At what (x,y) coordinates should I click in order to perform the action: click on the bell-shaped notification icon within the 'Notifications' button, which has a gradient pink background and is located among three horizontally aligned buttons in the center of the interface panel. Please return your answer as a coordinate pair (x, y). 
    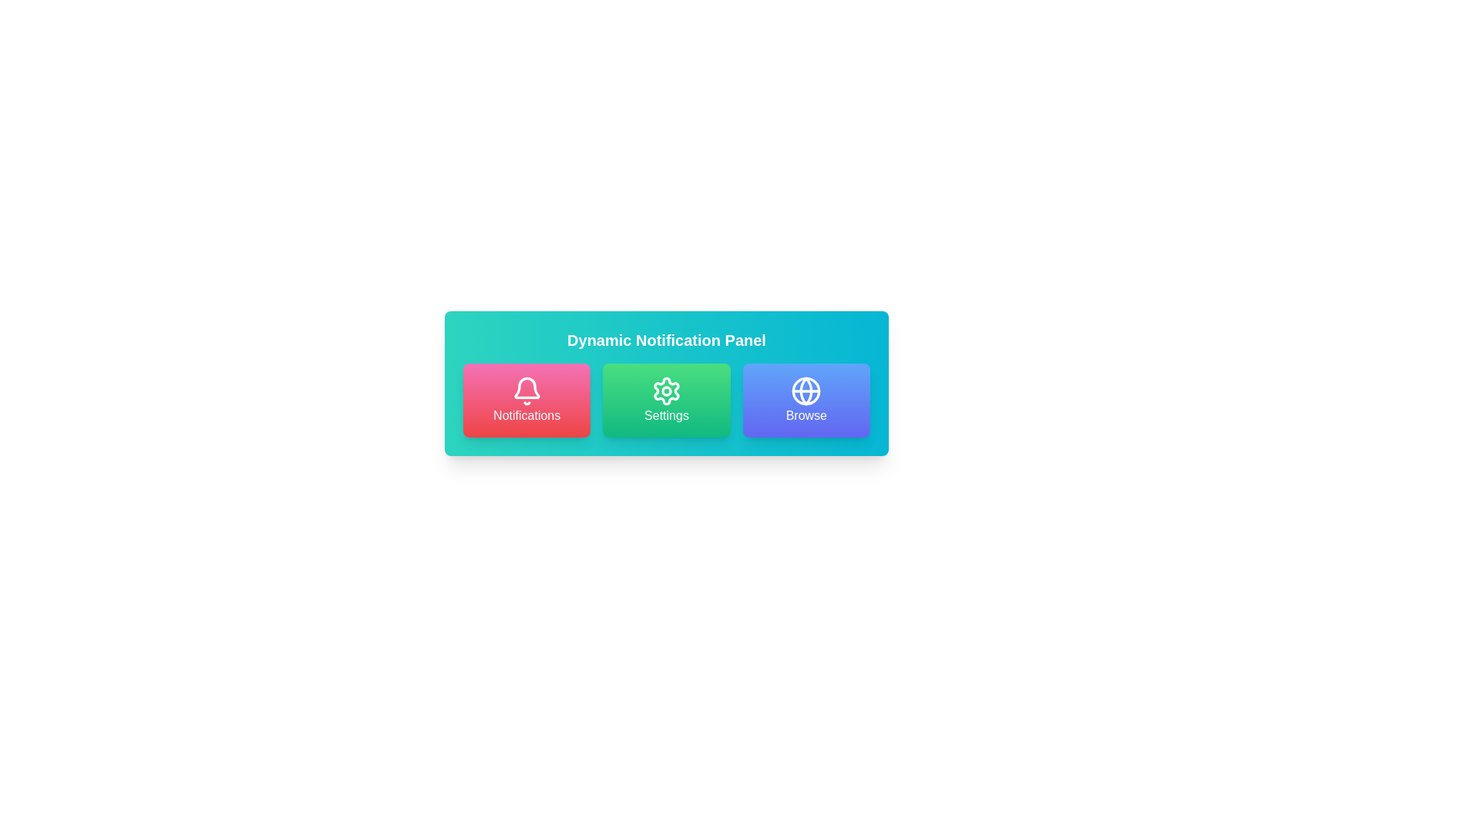
    Looking at the image, I should click on (526, 387).